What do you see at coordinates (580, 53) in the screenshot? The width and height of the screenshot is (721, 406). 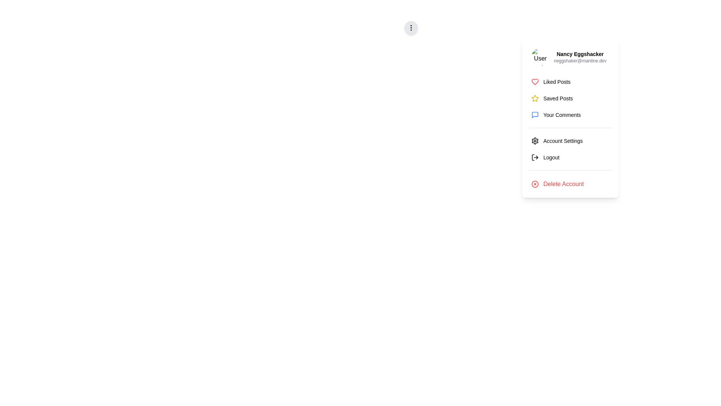 I see `displayed user's name from the text label located in the upper portion of the profile section` at bounding box center [580, 53].